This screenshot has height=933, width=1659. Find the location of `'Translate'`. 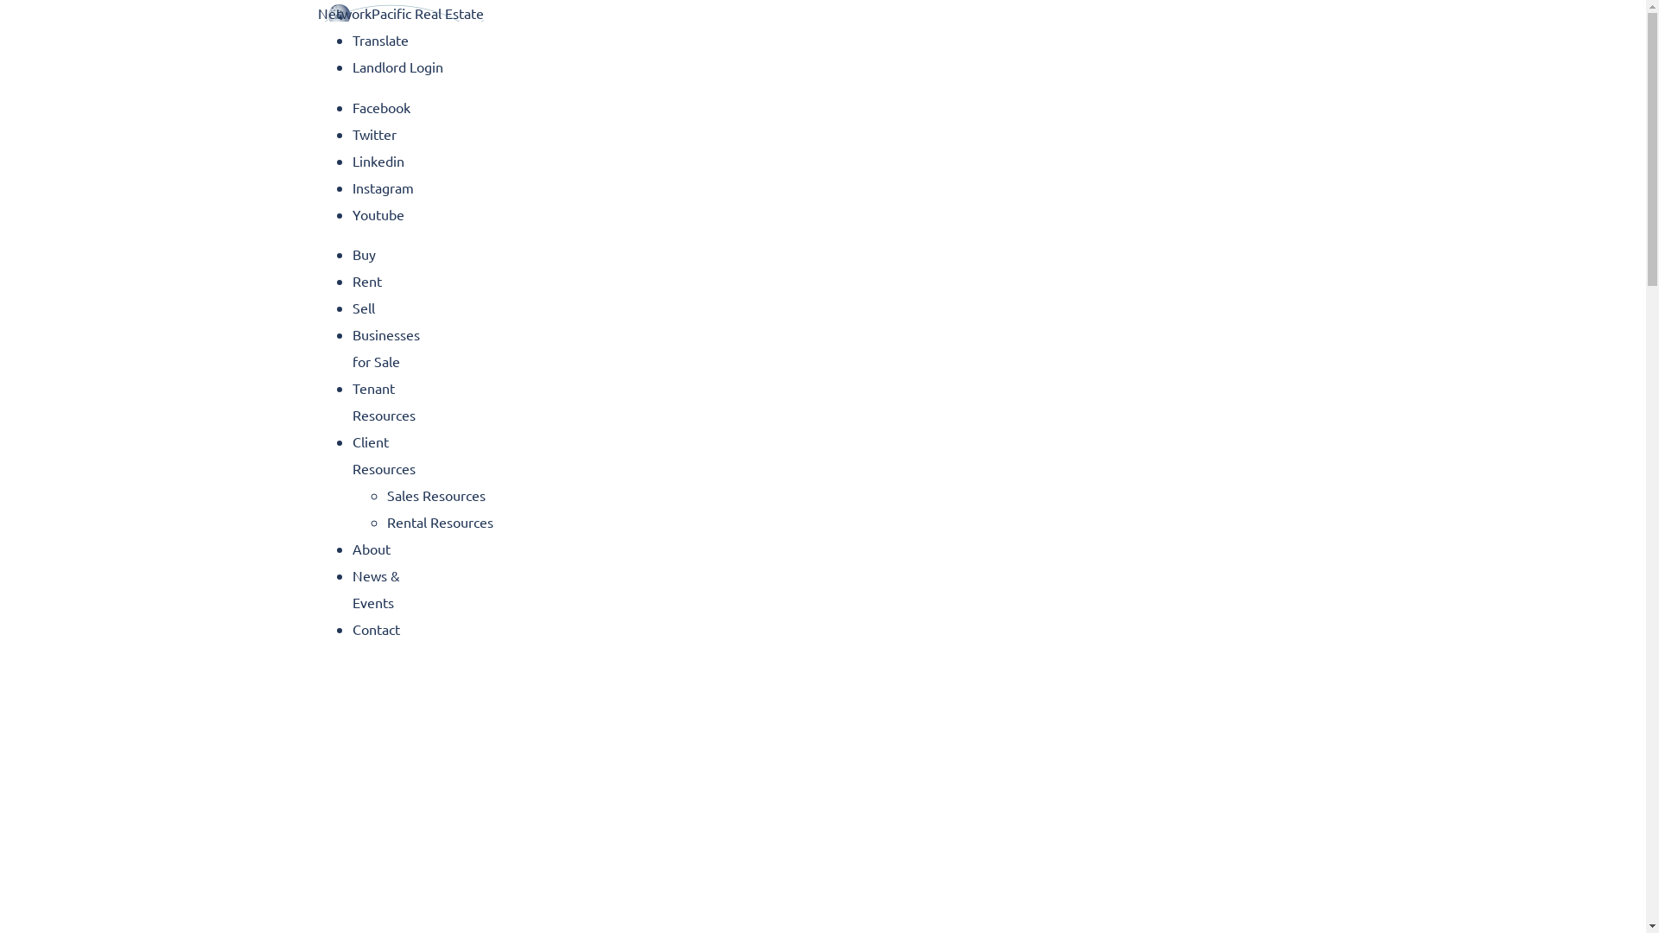

'Translate' is located at coordinates (352, 39).